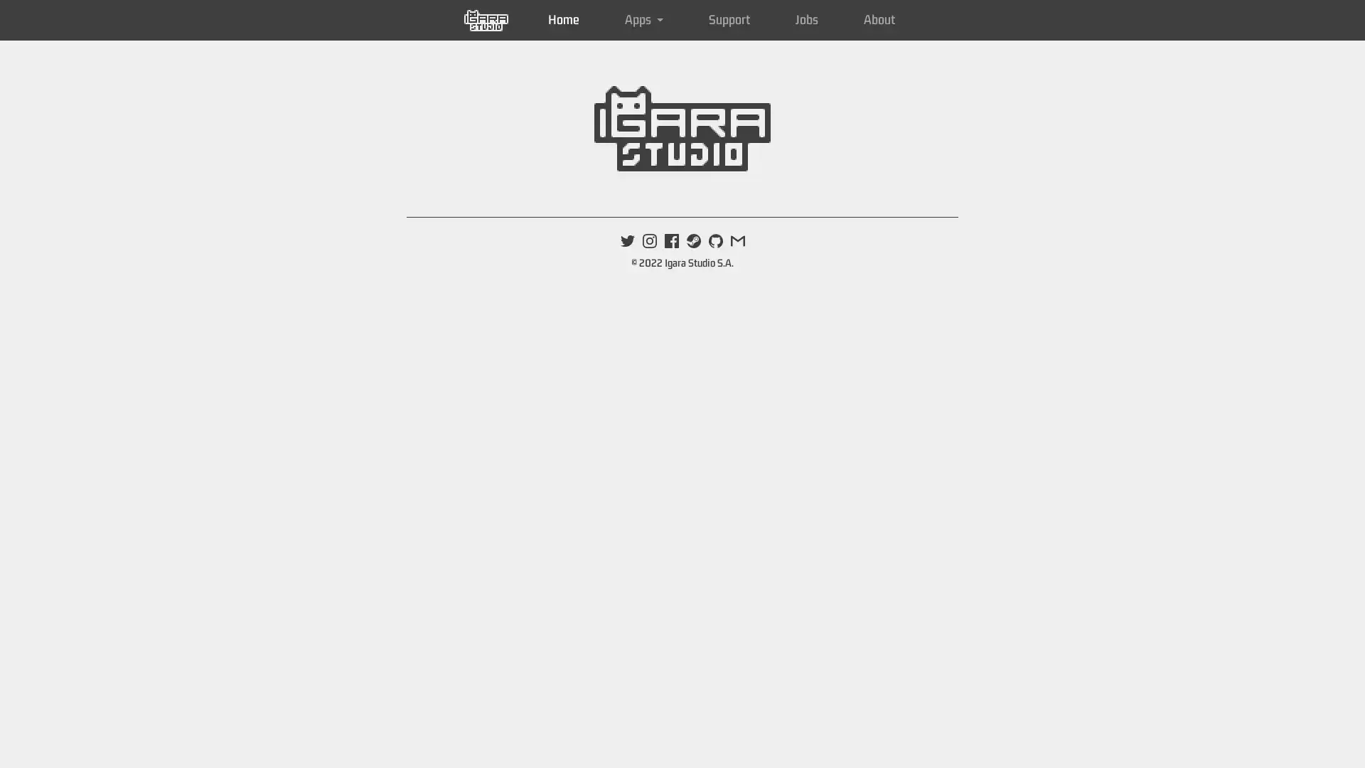 Image resolution: width=1365 pixels, height=768 pixels. I want to click on Apps, so click(643, 19).